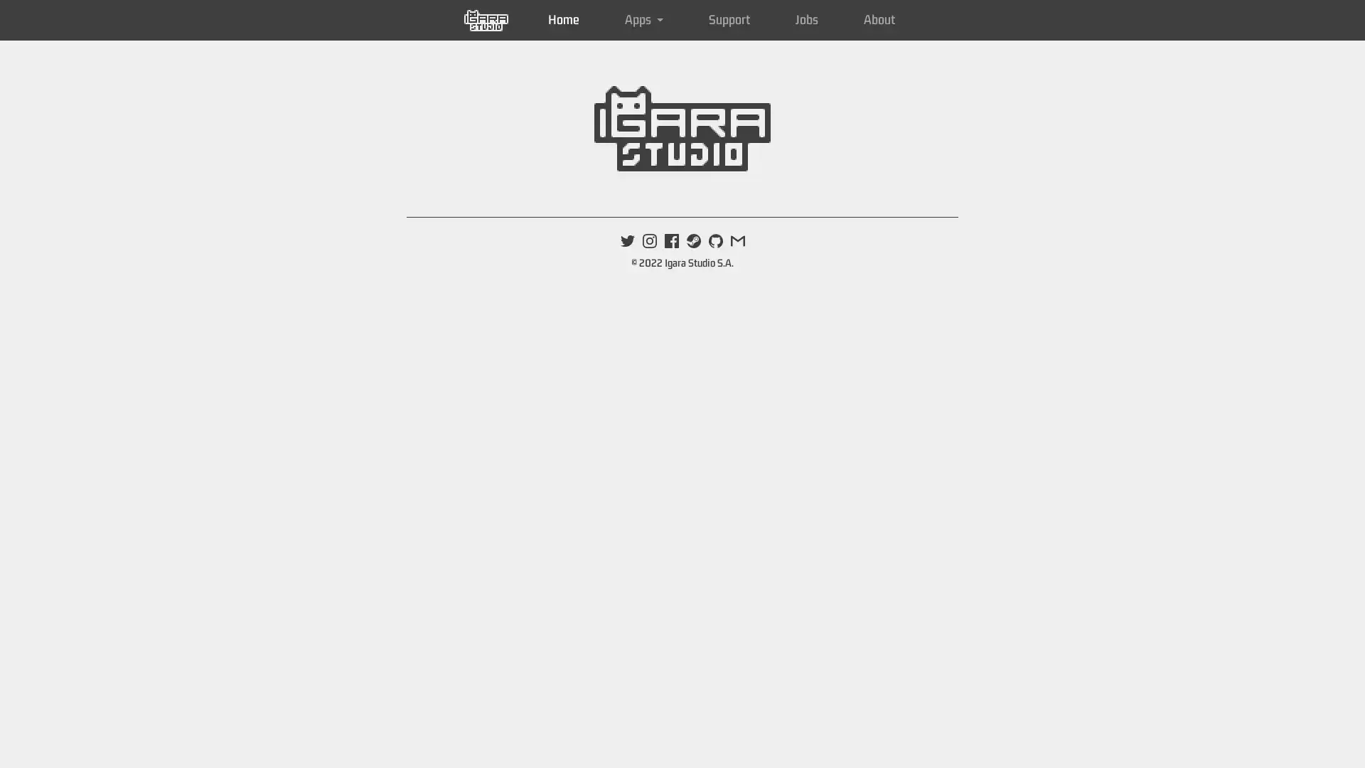 Image resolution: width=1365 pixels, height=768 pixels. I want to click on Apps, so click(643, 19).